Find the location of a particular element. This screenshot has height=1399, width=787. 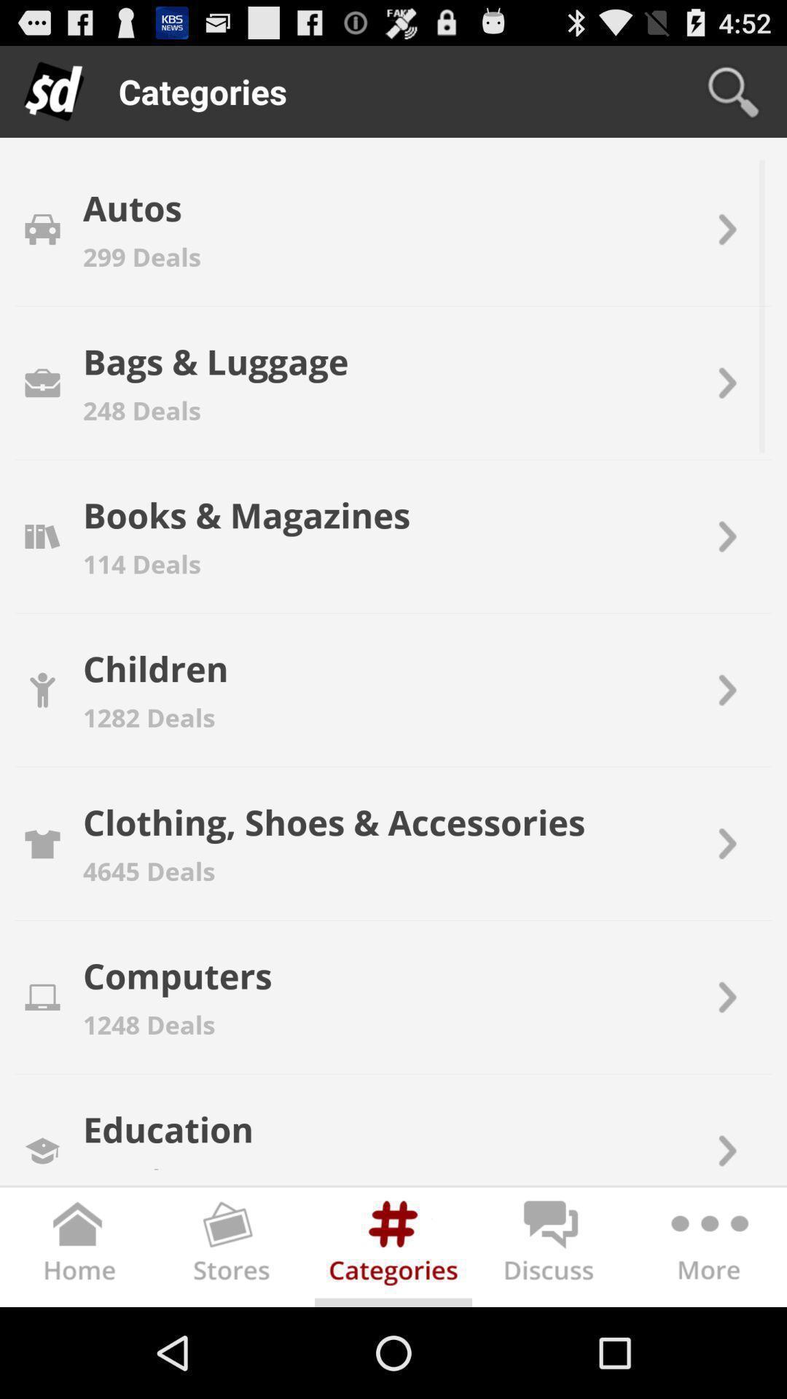

picture option is located at coordinates (235, 1250).